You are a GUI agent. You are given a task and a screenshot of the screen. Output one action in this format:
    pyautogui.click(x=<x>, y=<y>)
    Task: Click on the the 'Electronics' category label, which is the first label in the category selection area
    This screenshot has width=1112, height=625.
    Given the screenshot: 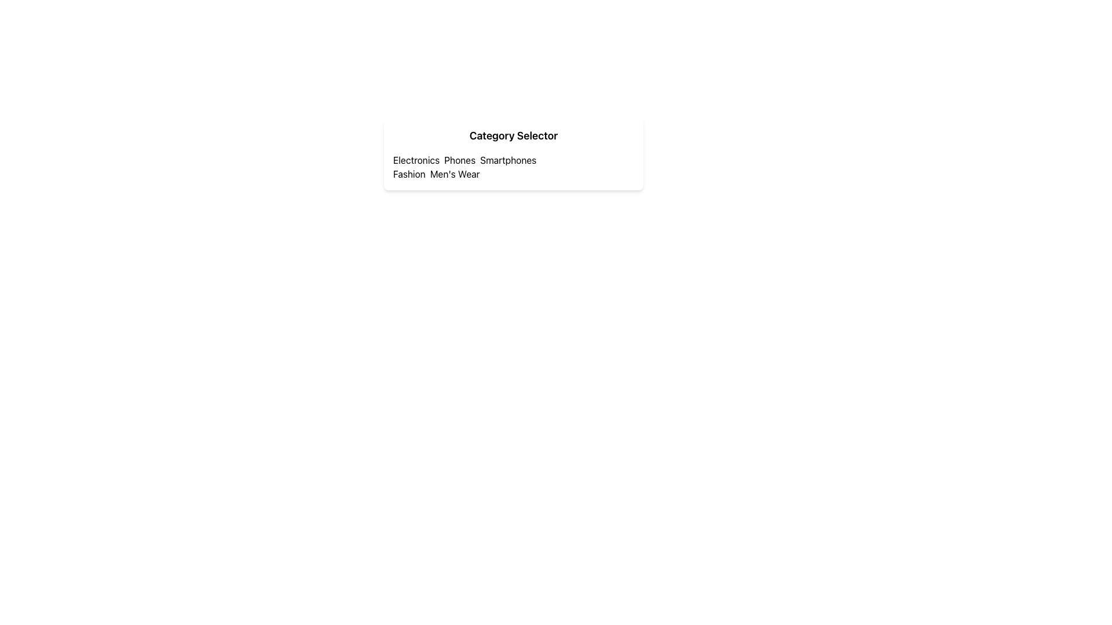 What is the action you would take?
    pyautogui.click(x=416, y=160)
    